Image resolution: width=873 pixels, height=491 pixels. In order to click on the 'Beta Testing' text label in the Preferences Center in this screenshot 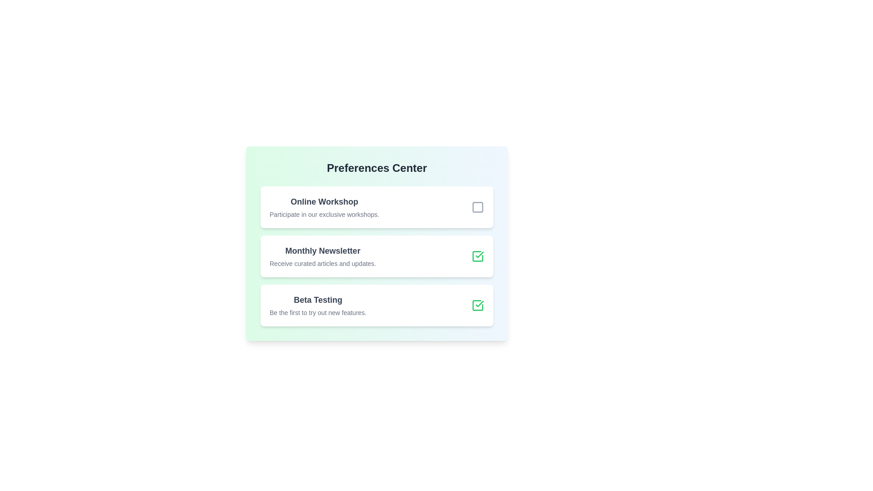, I will do `click(318, 300)`.